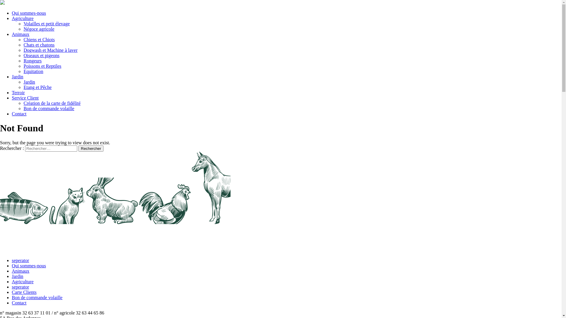 The width and height of the screenshot is (566, 318). What do you see at coordinates (28, 13) in the screenshot?
I see `'Qui sommes-nous'` at bounding box center [28, 13].